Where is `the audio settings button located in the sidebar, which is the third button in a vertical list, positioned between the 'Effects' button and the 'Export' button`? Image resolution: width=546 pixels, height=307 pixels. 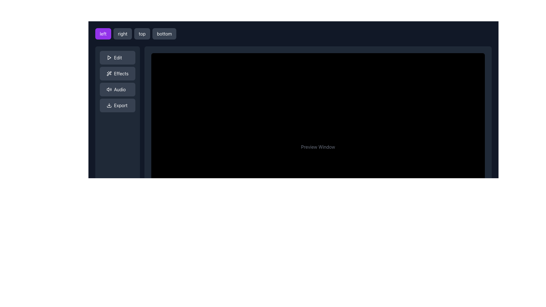
the audio settings button located in the sidebar, which is the third button in a vertical list, positioned between the 'Effects' button and the 'Export' button is located at coordinates (117, 90).